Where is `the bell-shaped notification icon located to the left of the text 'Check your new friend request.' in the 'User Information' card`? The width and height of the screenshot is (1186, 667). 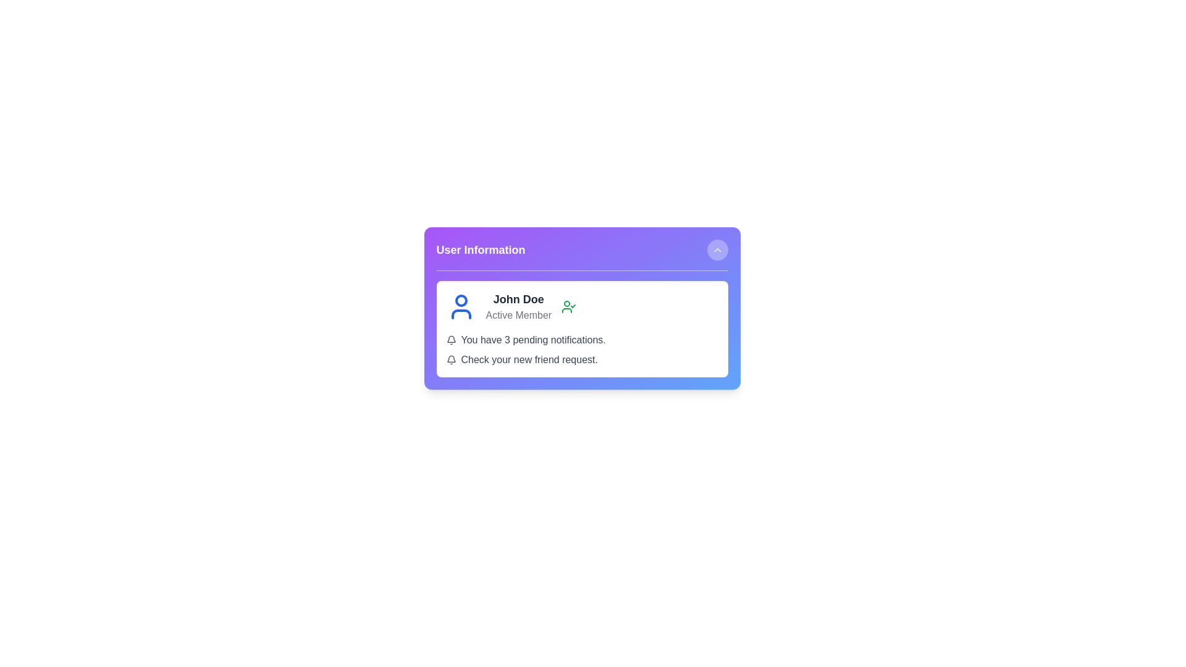 the bell-shaped notification icon located to the left of the text 'Check your new friend request.' in the 'User Information' card is located at coordinates (450, 359).